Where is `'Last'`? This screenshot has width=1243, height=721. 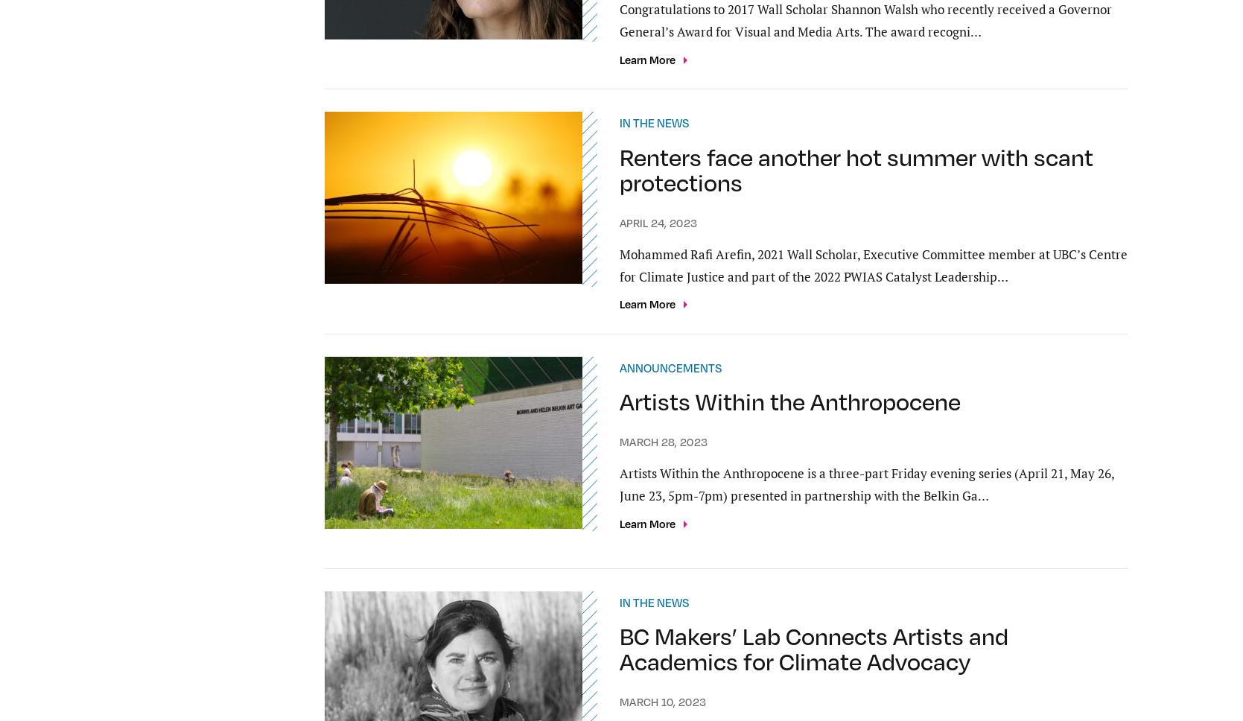 'Last' is located at coordinates (754, 496).